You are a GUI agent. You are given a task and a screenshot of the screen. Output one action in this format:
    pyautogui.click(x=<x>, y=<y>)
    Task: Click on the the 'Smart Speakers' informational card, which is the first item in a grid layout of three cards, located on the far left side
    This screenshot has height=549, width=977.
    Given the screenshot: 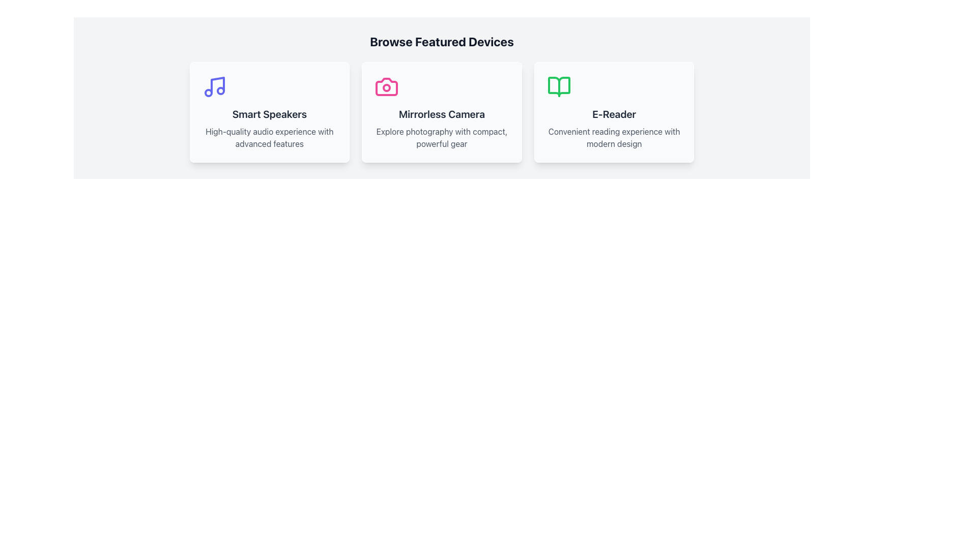 What is the action you would take?
    pyautogui.click(x=269, y=112)
    